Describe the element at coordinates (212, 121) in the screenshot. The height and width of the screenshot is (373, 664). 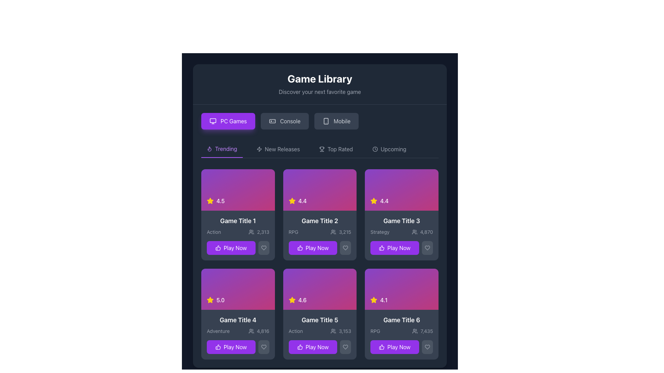
I see `the 'PC Games' button, which is prominently displayed with a purple background and white text, containing a small monitor icon on the far left` at that location.